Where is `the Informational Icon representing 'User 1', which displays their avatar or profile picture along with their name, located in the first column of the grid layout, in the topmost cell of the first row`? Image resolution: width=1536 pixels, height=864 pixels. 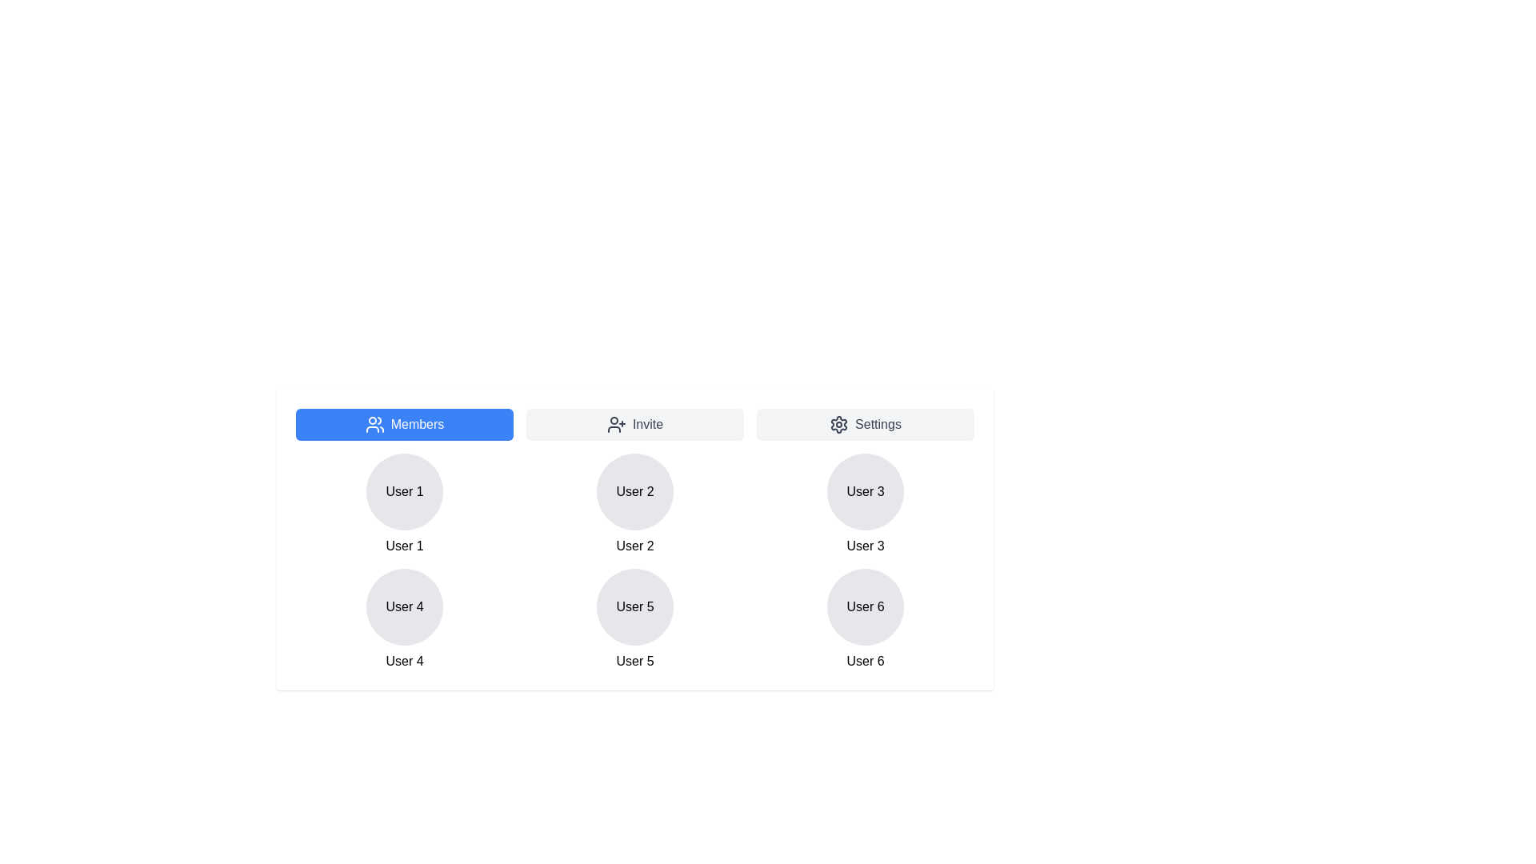
the Informational Icon representing 'User 1', which displays their avatar or profile picture along with their name, located in the first column of the grid layout, in the topmost cell of the first row is located at coordinates (404, 505).